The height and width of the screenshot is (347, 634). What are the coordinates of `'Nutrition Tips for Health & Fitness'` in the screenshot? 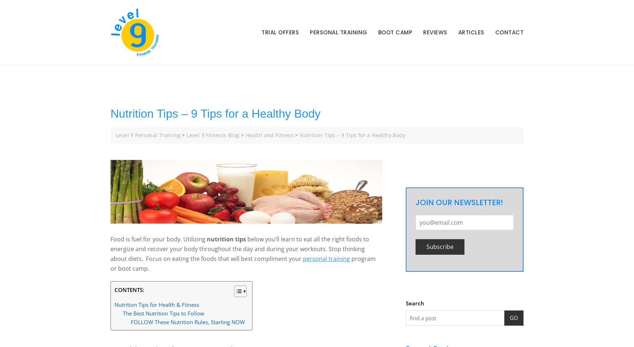 It's located at (156, 304).